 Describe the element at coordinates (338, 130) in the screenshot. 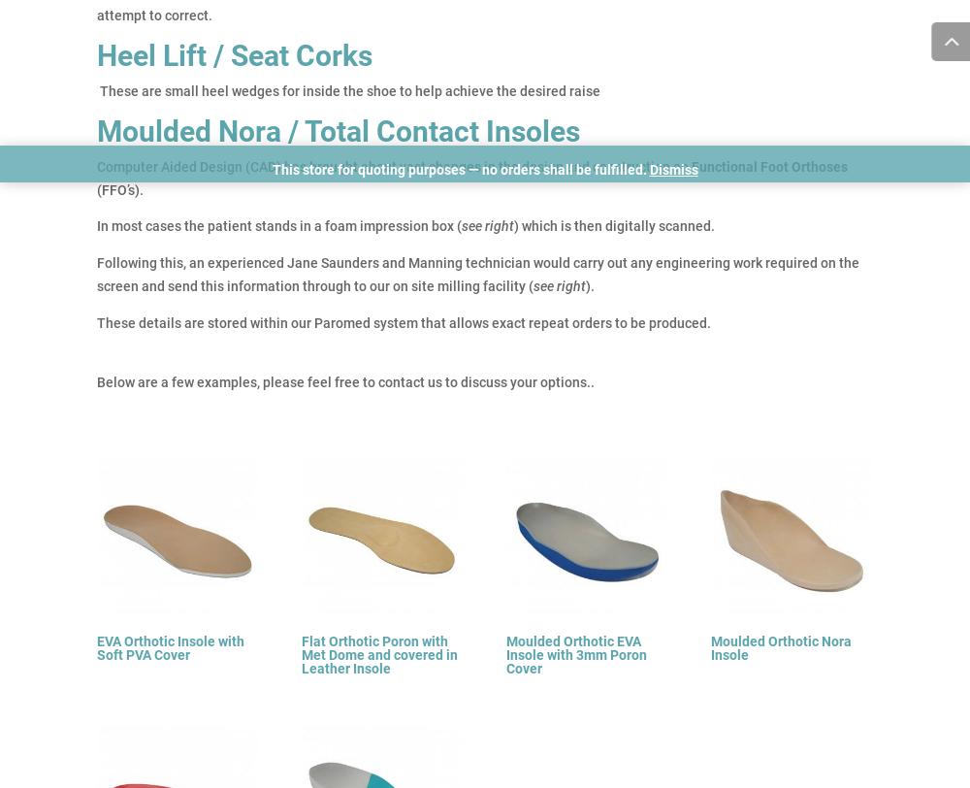

I see `'Moulded Nora / Total Contact Insoles'` at that location.